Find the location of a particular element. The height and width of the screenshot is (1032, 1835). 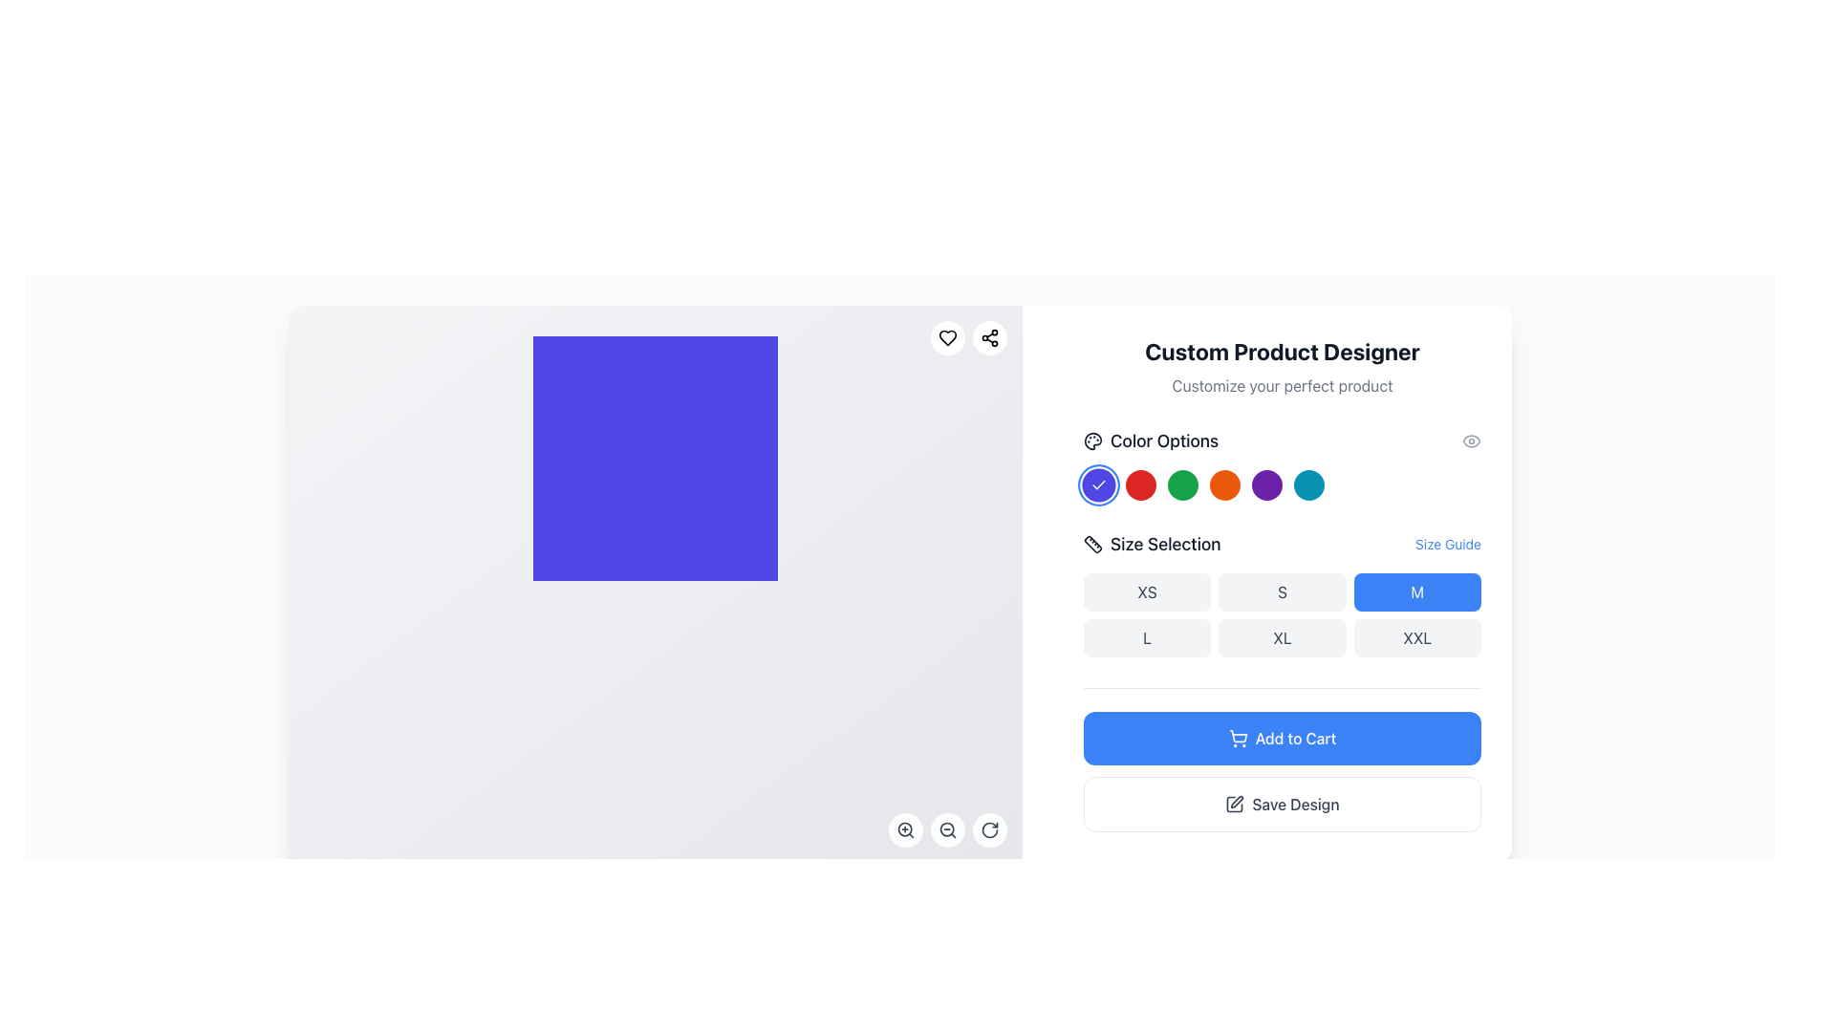

the heart icon located near the top-left corner of the interface is located at coordinates (948, 337).